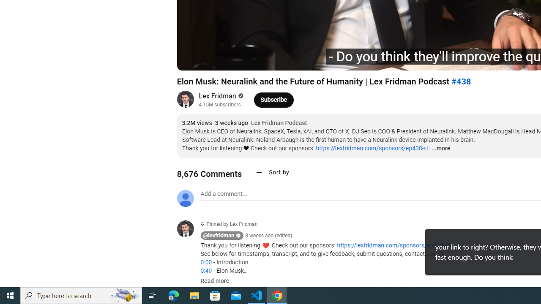 The width and height of the screenshot is (541, 304). I want to click on 'Default profile photo', so click(185, 198).